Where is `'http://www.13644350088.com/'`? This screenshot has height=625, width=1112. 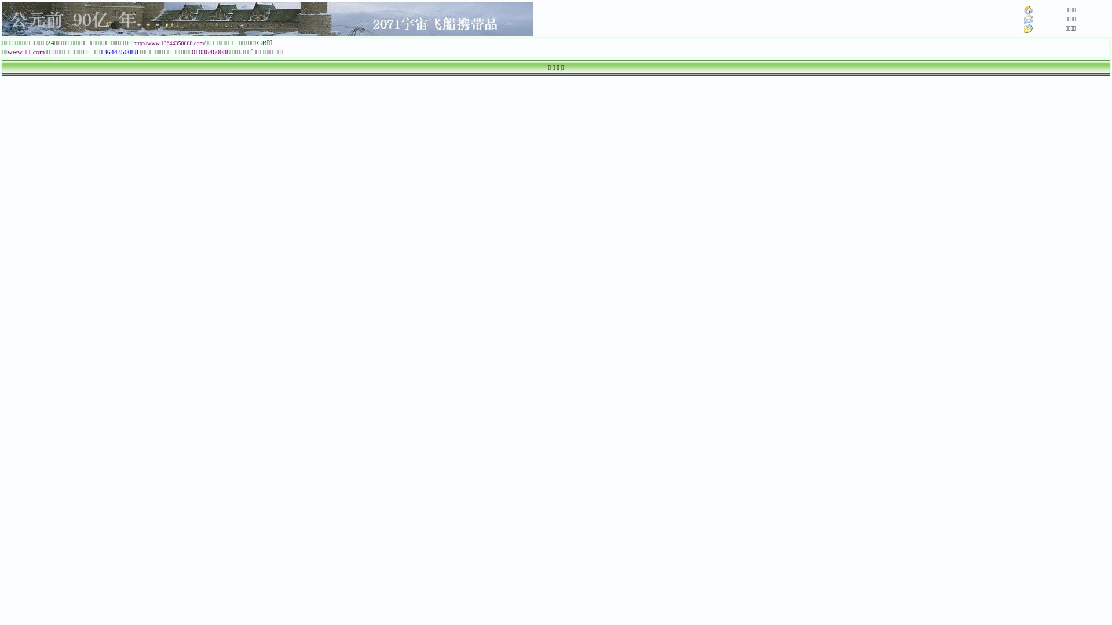 'http://www.13644350088.com/' is located at coordinates (169, 42).